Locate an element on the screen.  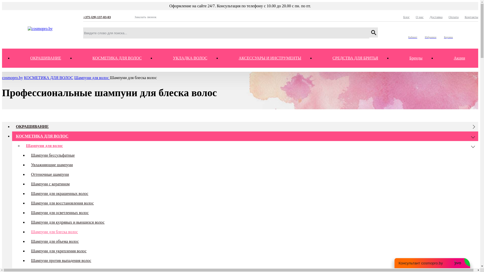
'cosmopro.by' is located at coordinates (27, 28).